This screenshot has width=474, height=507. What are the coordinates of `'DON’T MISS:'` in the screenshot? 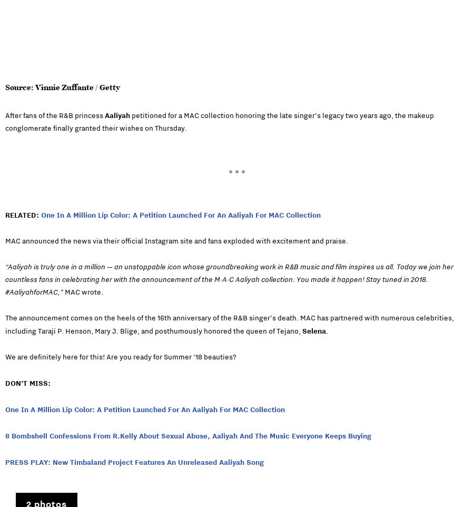 It's located at (4, 383).